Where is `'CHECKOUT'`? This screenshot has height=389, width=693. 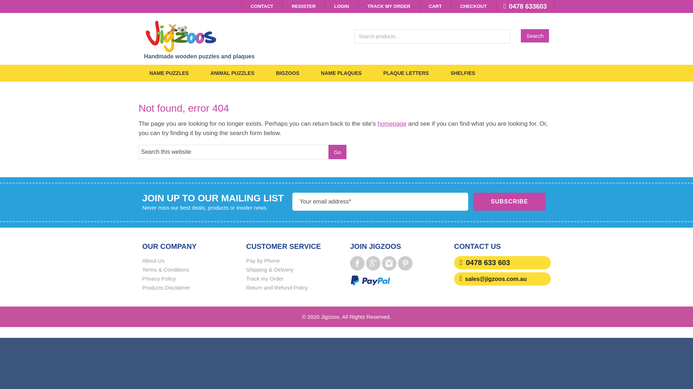 'CHECKOUT' is located at coordinates (473, 6).